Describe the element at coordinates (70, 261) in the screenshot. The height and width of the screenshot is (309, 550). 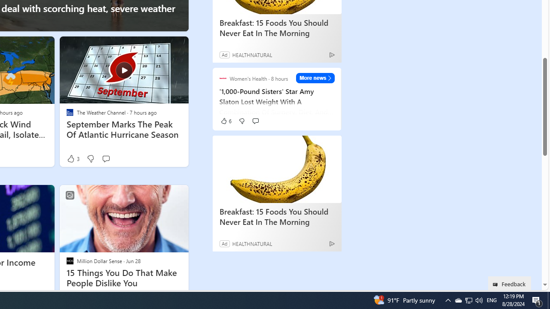
I see `'Million Dollar Sense'` at that location.